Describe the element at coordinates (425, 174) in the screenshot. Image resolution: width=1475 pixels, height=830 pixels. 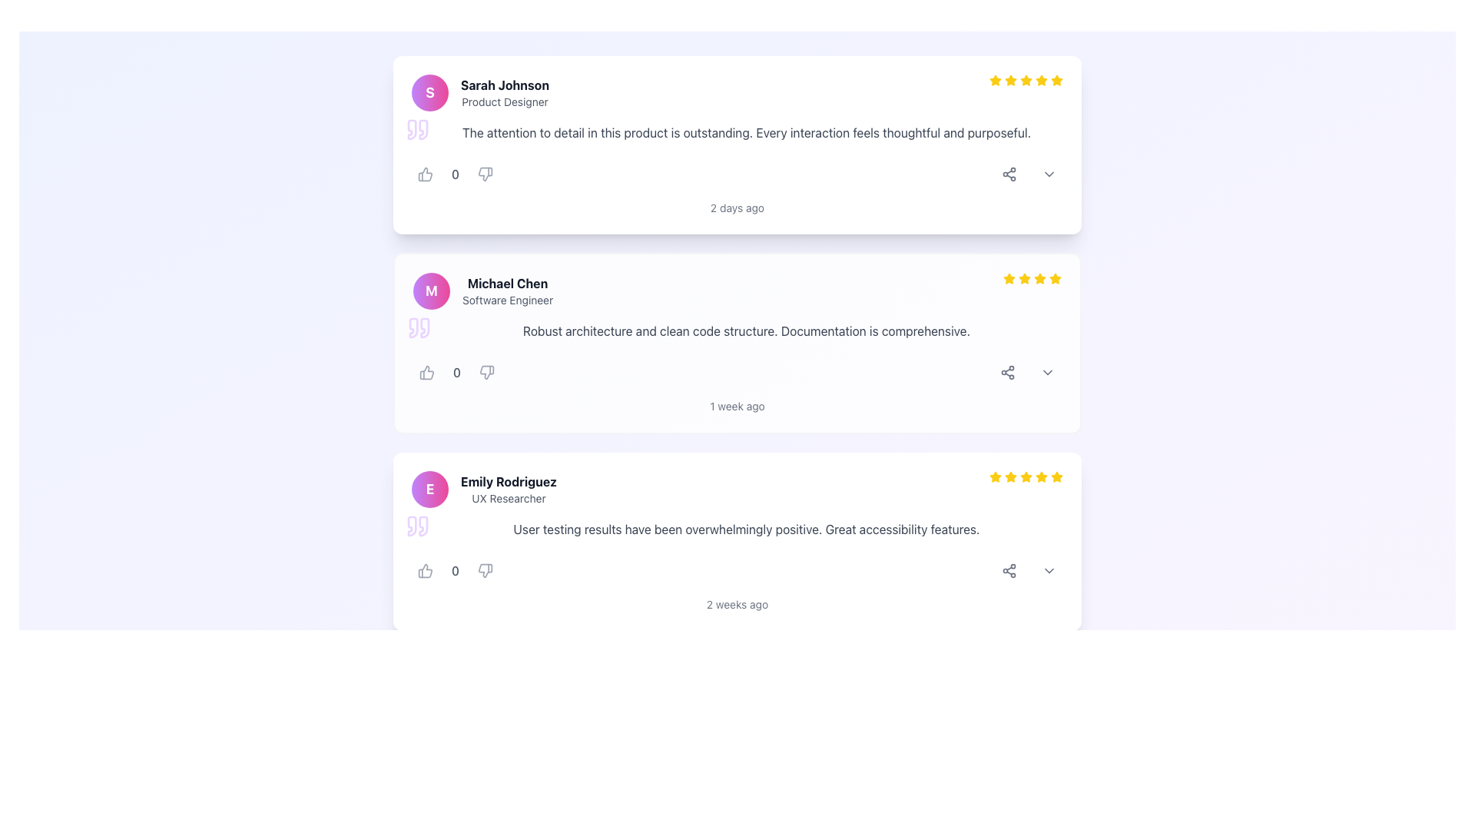
I see `the approval icon located to the left of the text '0'` at that location.